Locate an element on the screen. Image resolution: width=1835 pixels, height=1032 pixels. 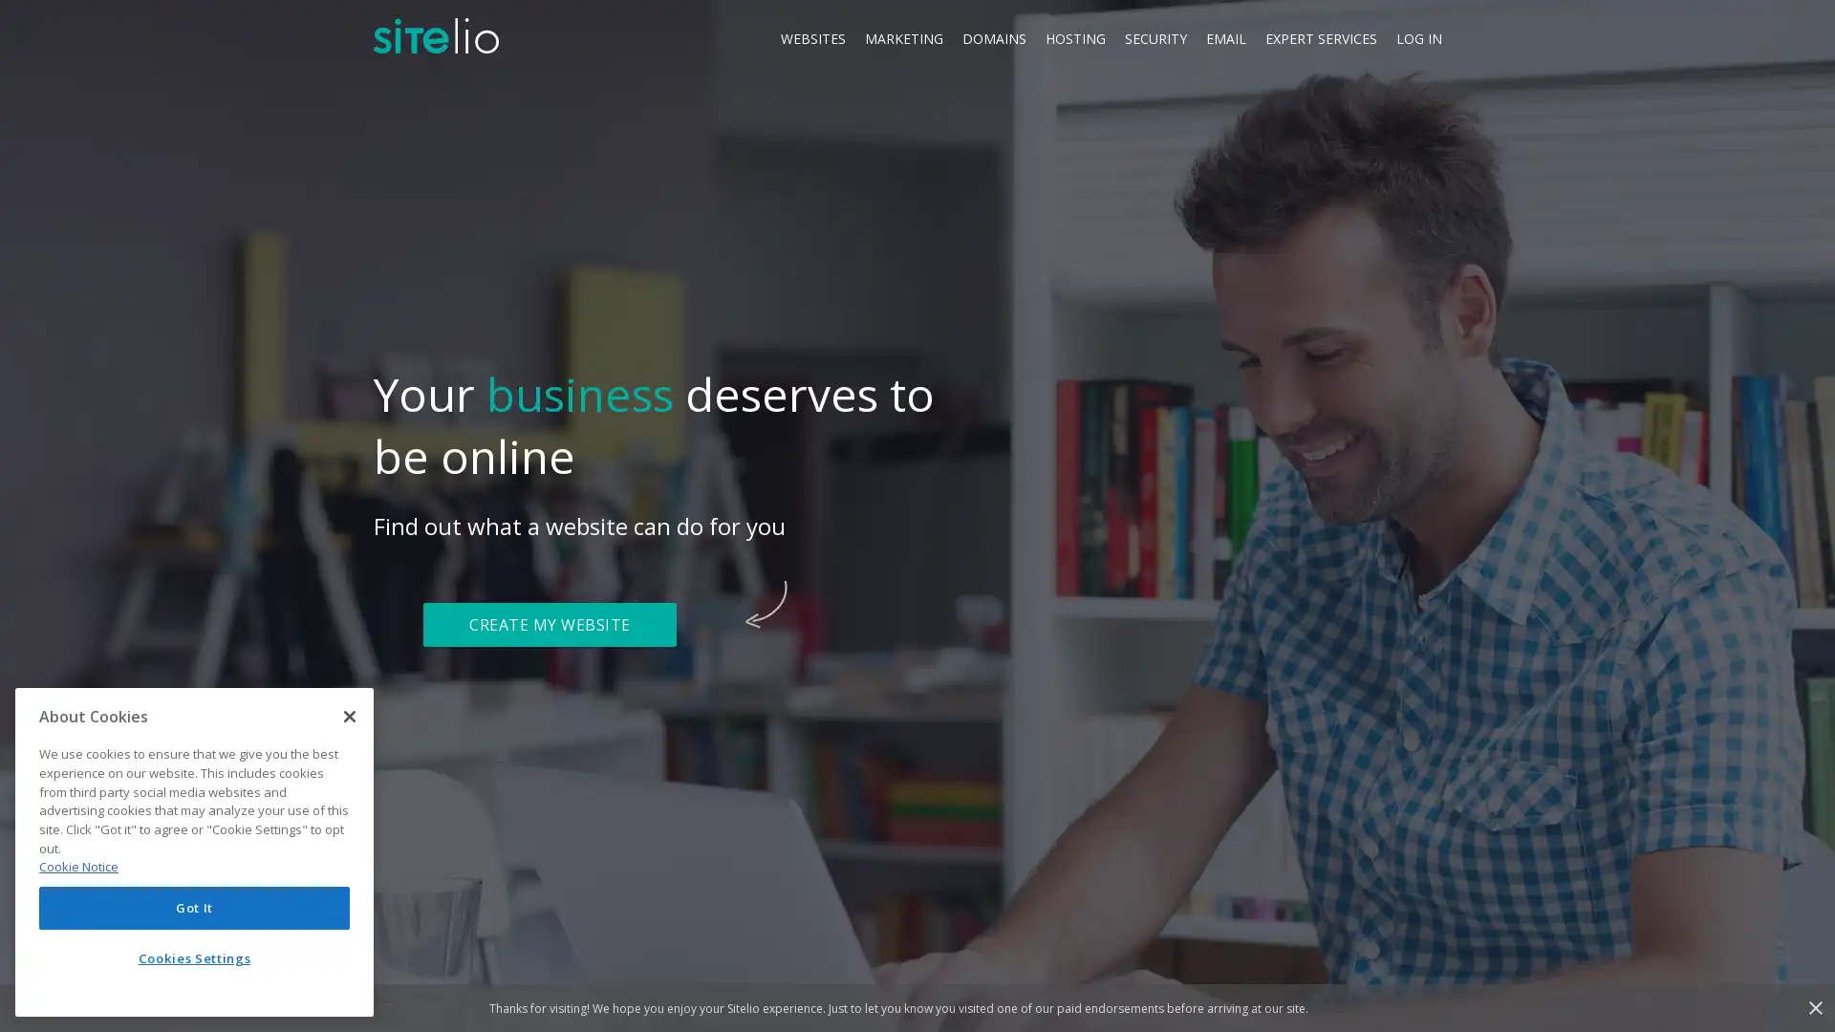
Close is located at coordinates (349, 716).